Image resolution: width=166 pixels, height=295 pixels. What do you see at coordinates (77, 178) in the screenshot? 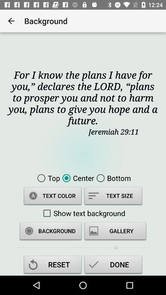
I see `icon to the right of the top item` at bounding box center [77, 178].